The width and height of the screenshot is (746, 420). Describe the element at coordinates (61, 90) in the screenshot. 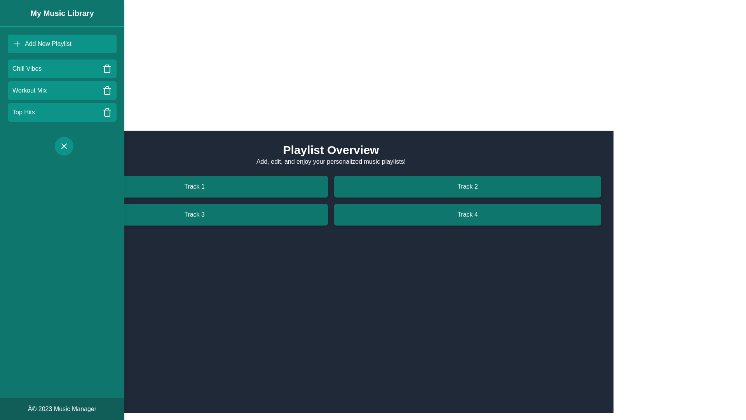

I see `the 'Workout Mix' playlist button, which is positioned` at that location.